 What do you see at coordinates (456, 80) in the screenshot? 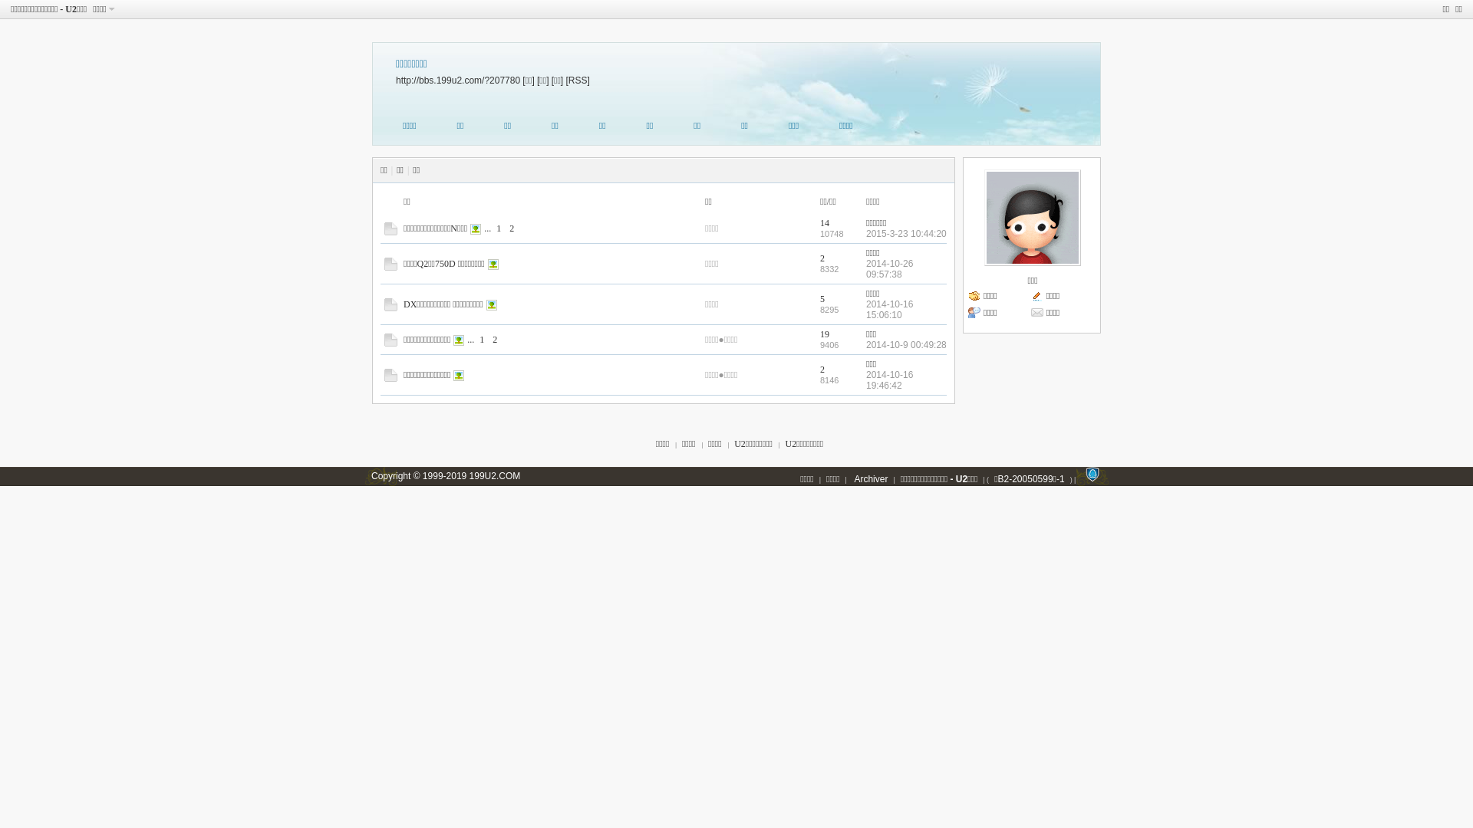
I see `'http://bbs.199u2.com/?207780'` at bounding box center [456, 80].